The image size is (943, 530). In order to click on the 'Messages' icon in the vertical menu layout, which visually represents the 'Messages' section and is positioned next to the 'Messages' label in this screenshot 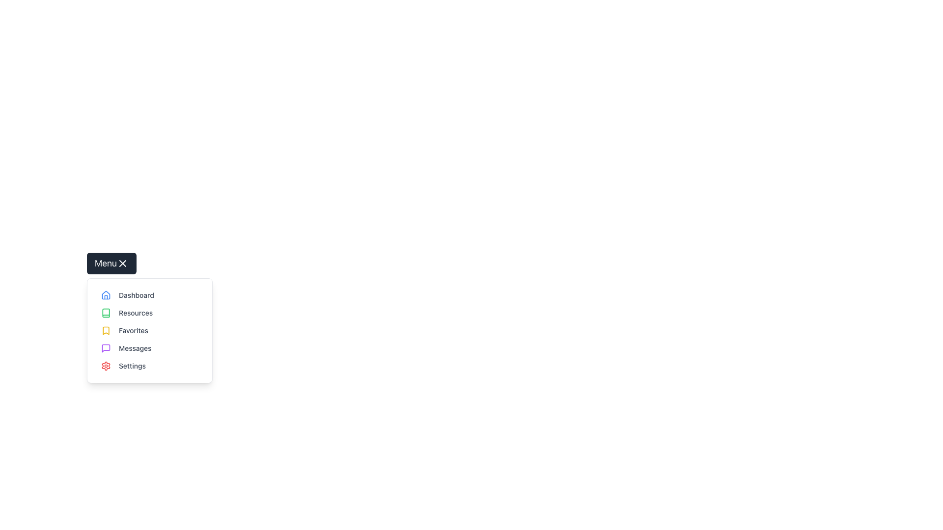, I will do `click(106, 347)`.